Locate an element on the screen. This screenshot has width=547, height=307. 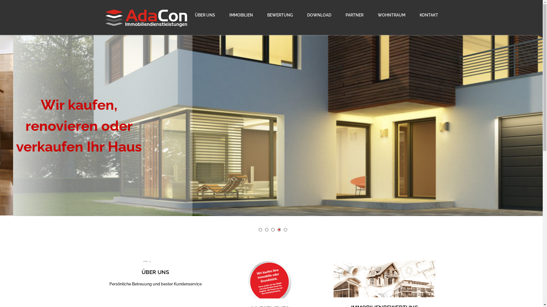
'Immobilienbewertung' is located at coordinates (384, 282).